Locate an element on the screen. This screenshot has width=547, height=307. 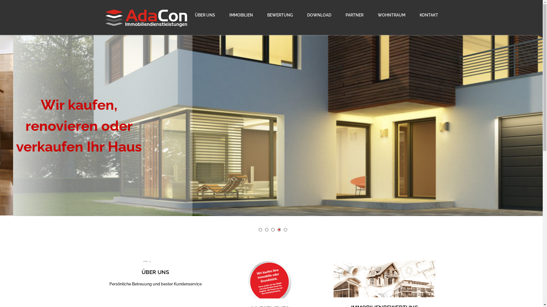
'Immobilienbewertung' is located at coordinates (384, 282).